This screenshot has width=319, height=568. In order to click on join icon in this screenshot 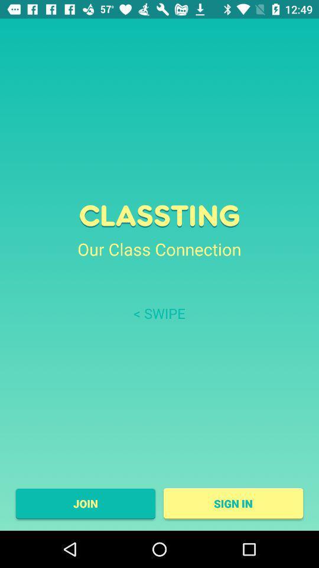, I will do `click(84, 503)`.